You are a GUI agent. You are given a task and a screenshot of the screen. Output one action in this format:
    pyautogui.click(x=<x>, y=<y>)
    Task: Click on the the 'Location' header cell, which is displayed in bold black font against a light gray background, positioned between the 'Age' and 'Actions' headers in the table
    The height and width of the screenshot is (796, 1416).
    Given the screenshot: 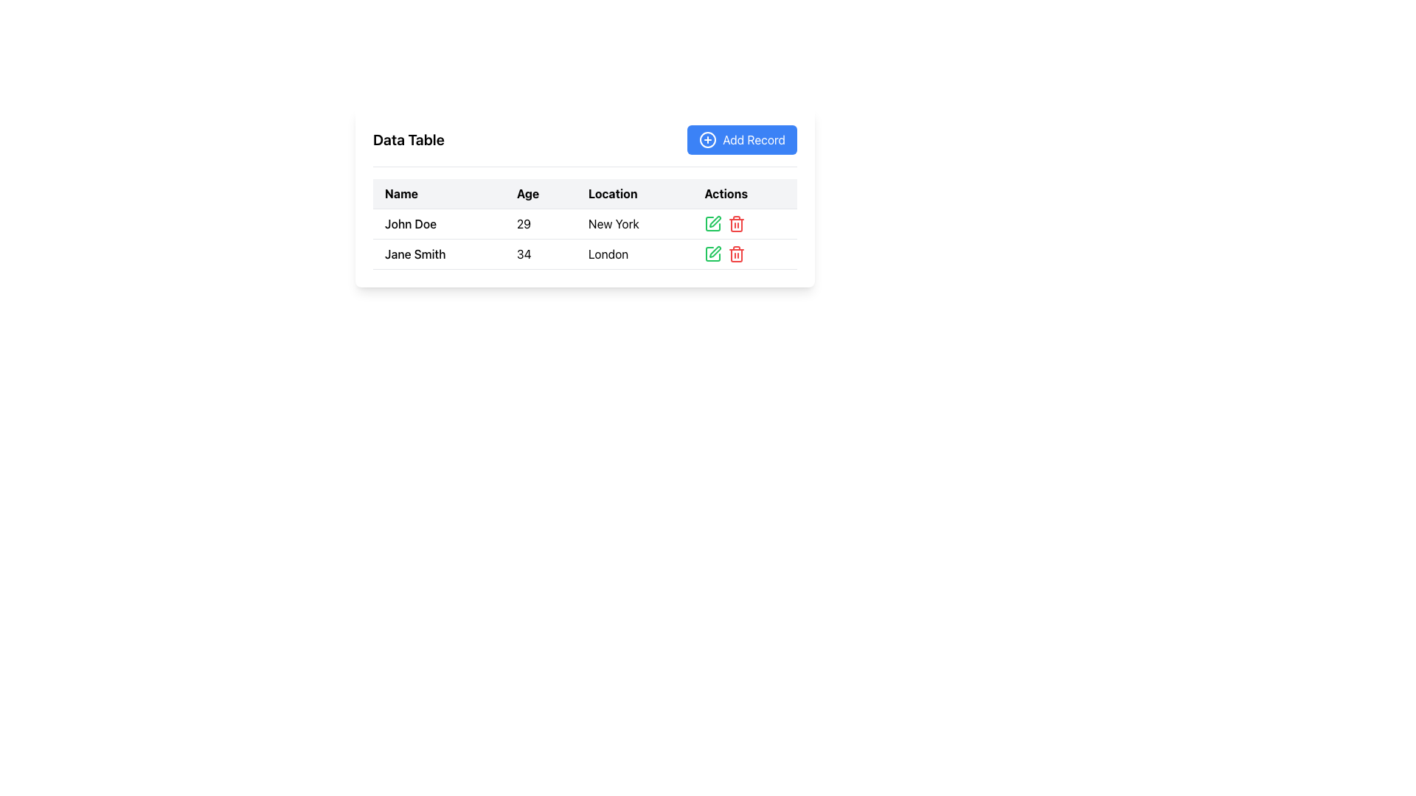 What is the action you would take?
    pyautogui.click(x=634, y=193)
    